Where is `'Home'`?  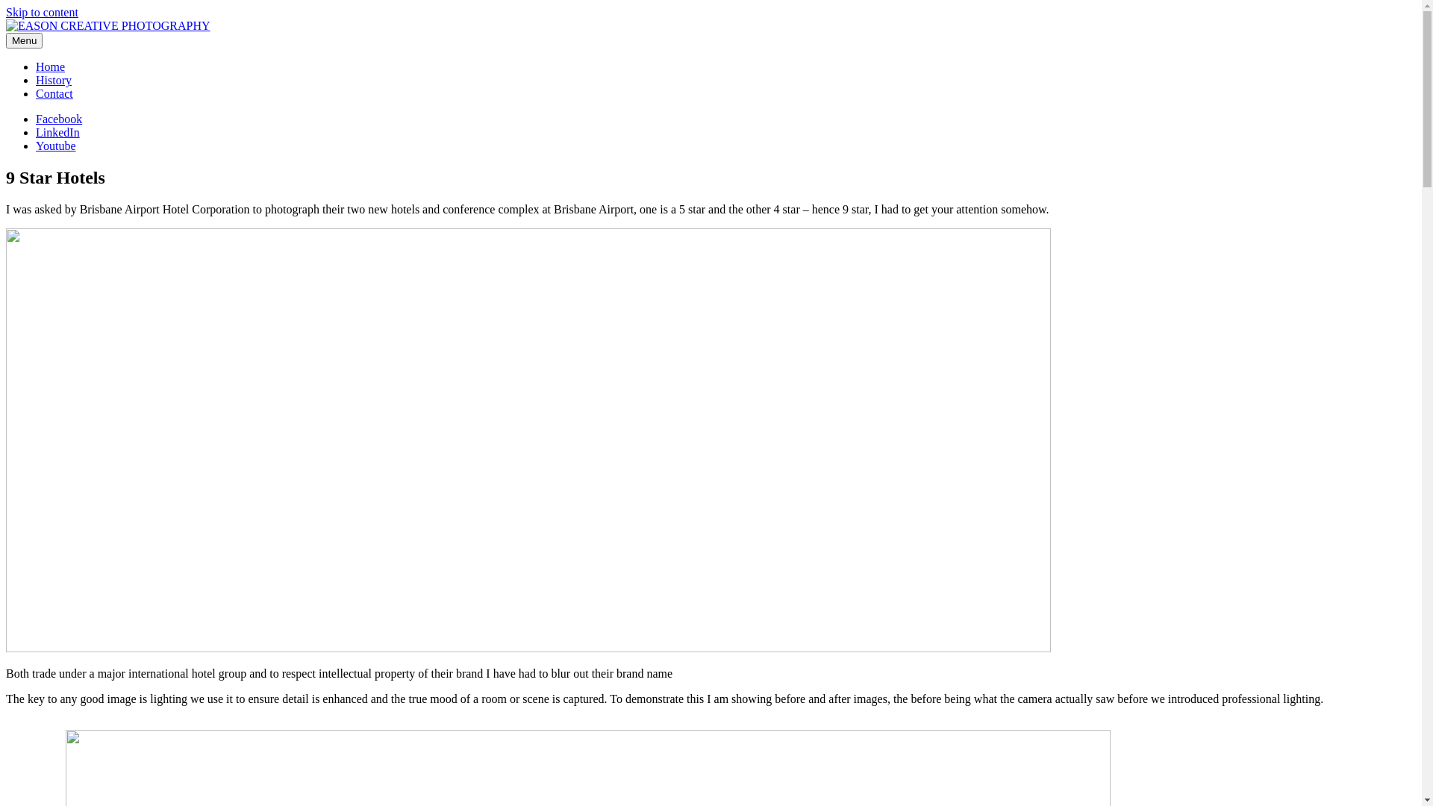 'Home' is located at coordinates (36, 66).